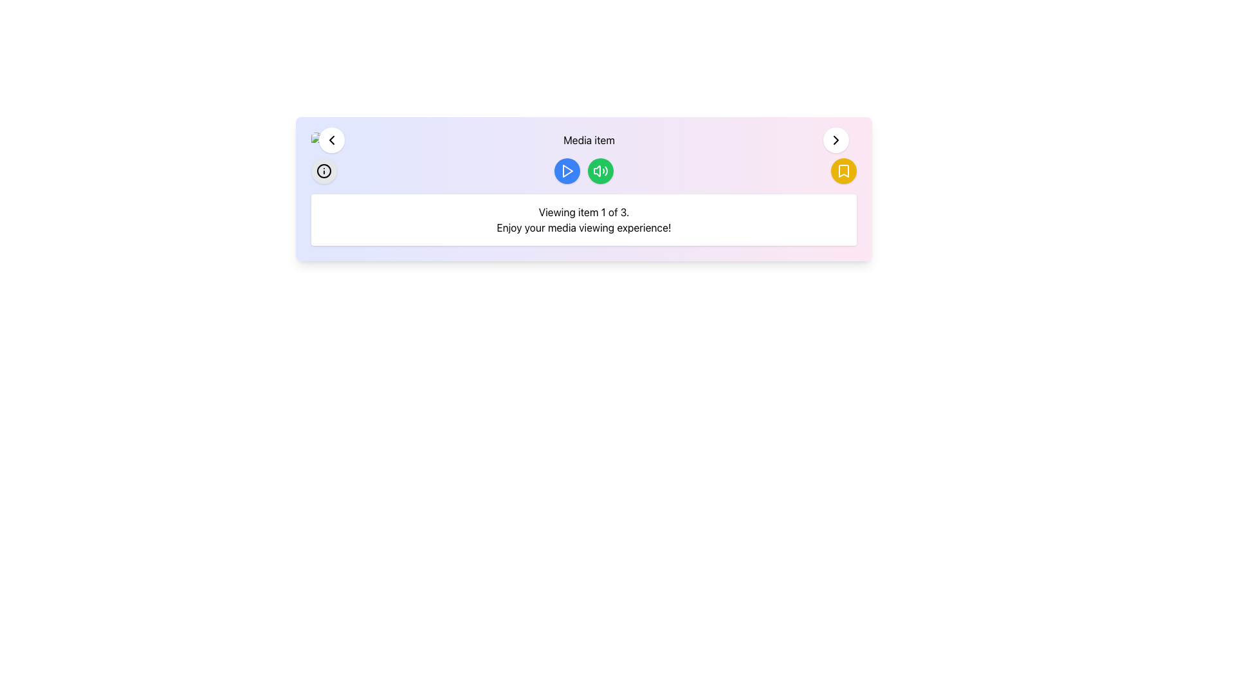  What do you see at coordinates (600, 171) in the screenshot?
I see `the volume control button located immediately to the right of the blue play button` at bounding box center [600, 171].